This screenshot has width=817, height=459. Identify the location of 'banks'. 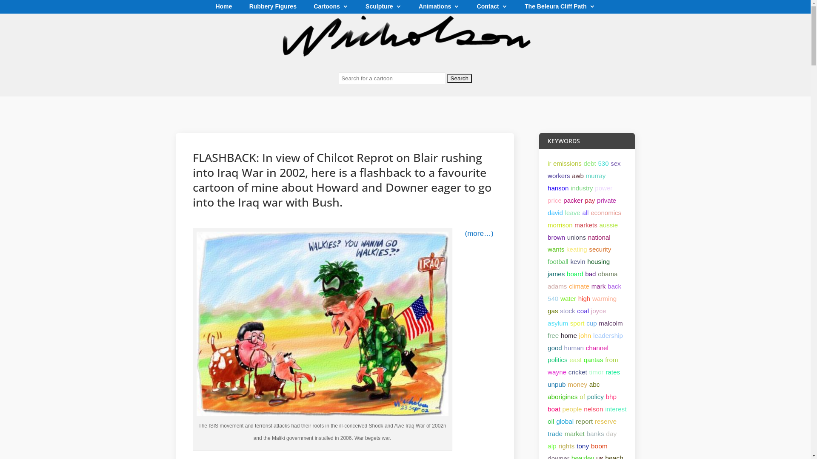
(595, 433).